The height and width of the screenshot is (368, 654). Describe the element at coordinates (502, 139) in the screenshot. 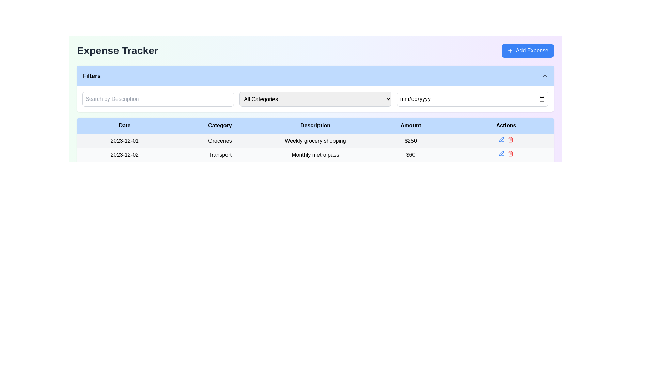

I see `the Icon button in the 'Actions' column of the second row in the expense details table` at that location.